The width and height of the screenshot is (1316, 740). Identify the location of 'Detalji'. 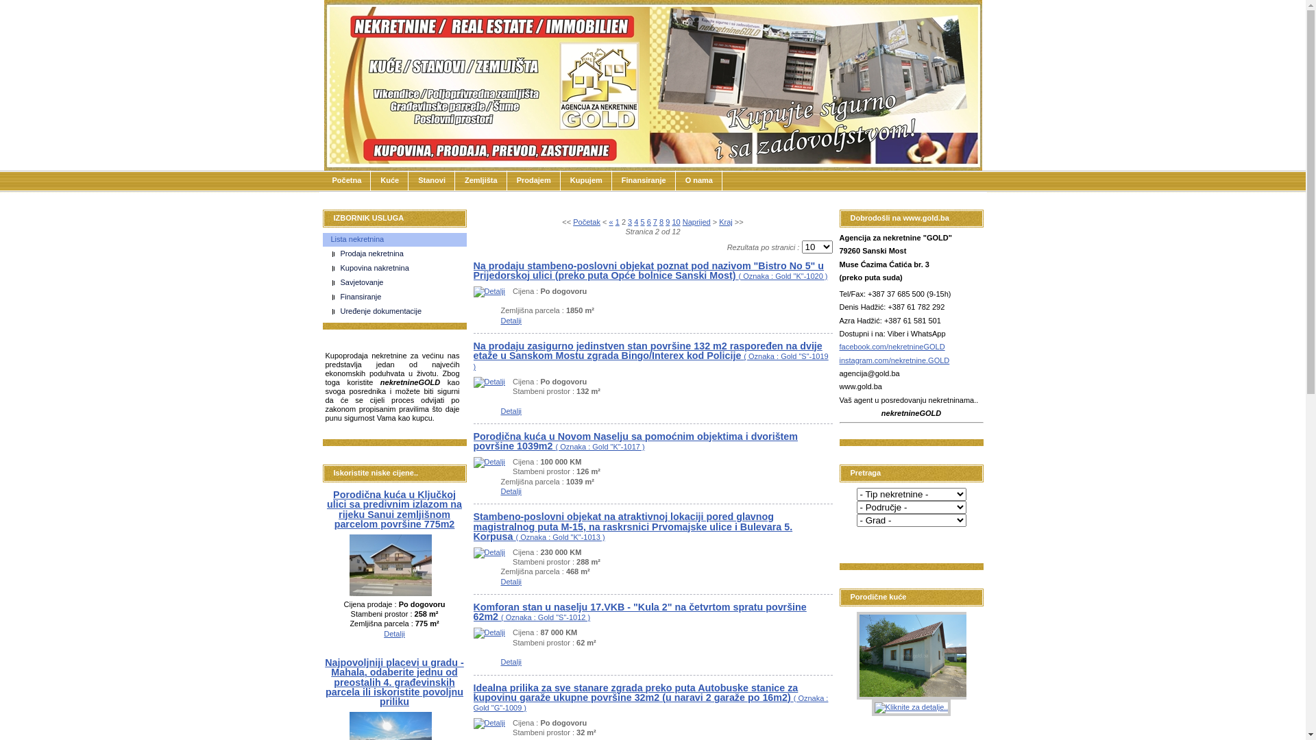
(489, 552).